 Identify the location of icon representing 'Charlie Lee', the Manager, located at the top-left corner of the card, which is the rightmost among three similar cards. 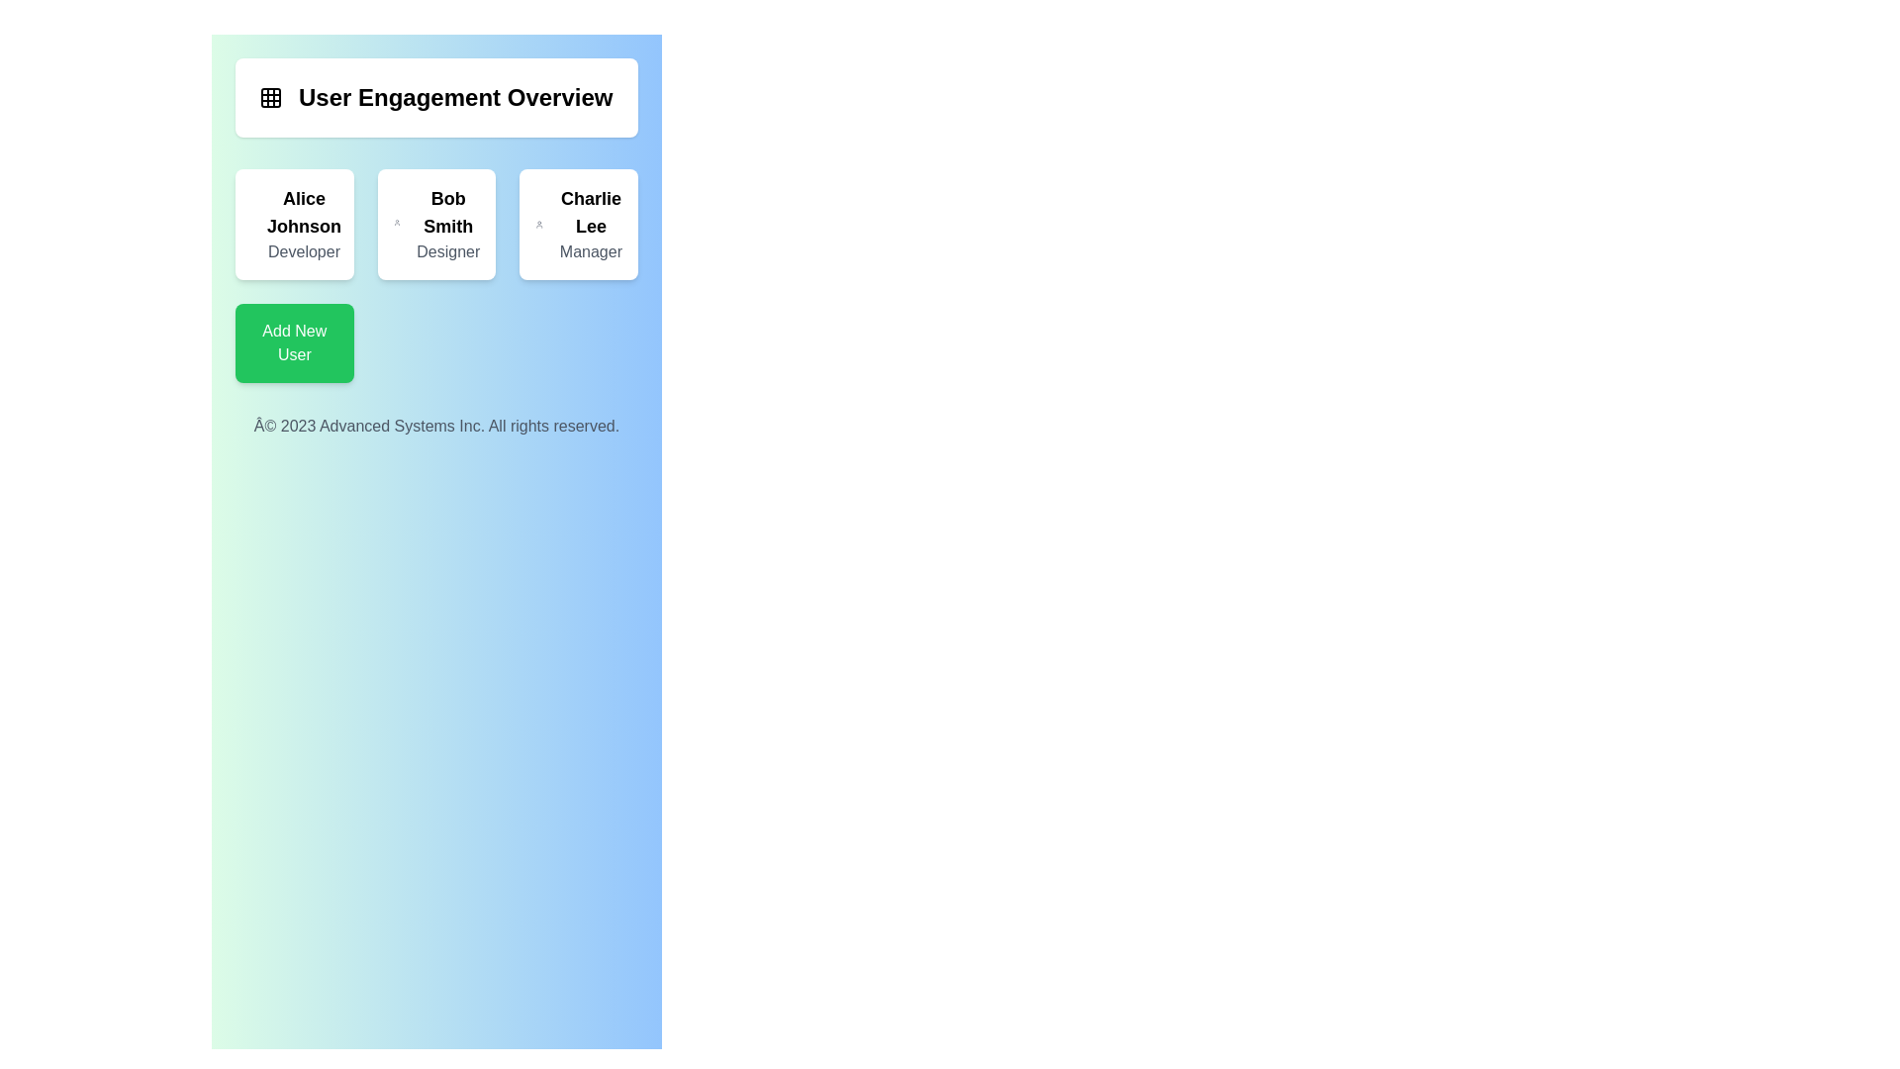
(539, 224).